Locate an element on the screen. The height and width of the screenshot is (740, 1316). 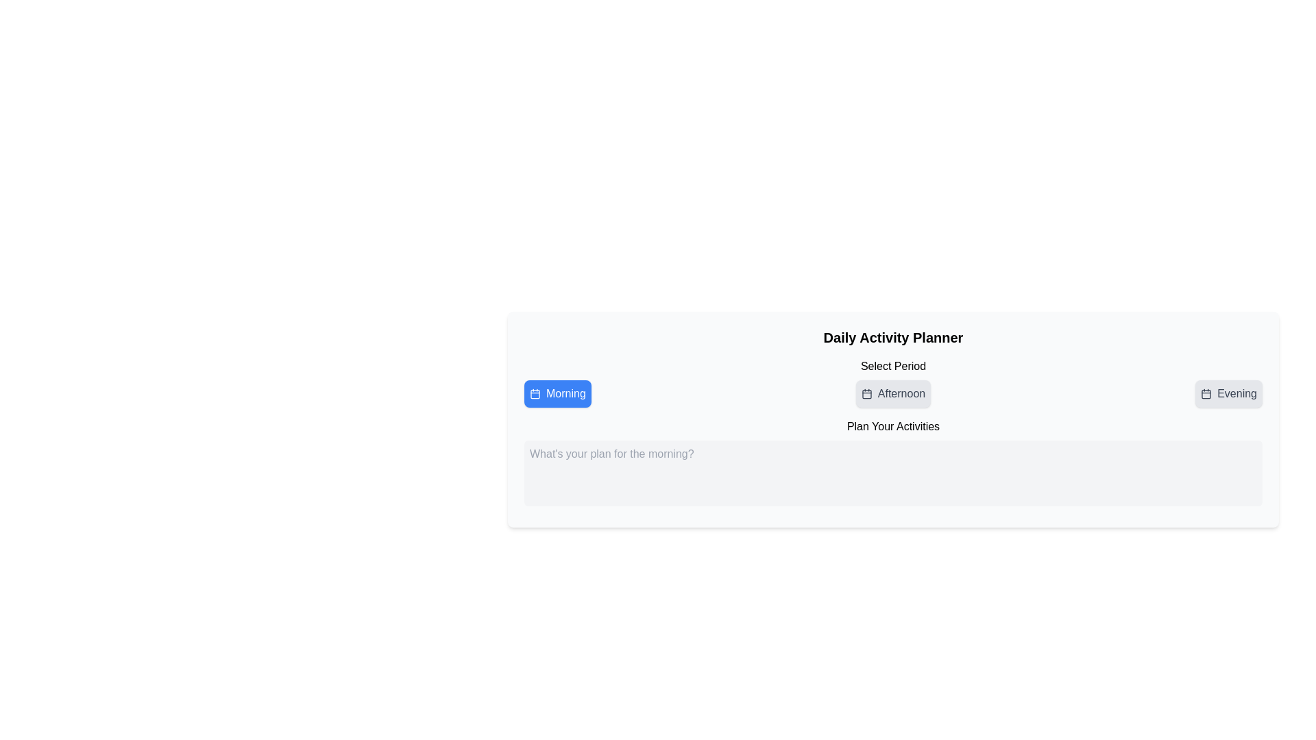
the rounded rectangle graphical element within the SVG calendar icon, located adjacent to the 'Evening' button is located at coordinates (1206, 394).